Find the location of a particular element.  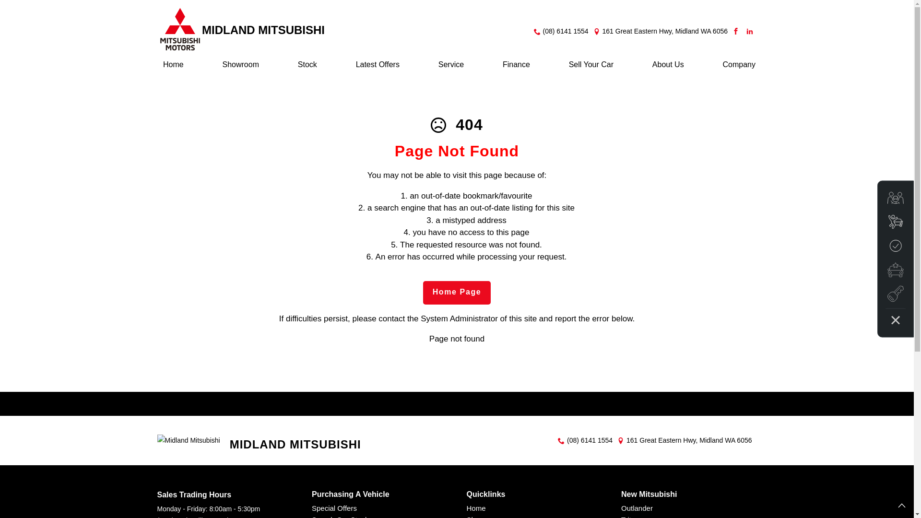

'Home' is located at coordinates (476, 507).